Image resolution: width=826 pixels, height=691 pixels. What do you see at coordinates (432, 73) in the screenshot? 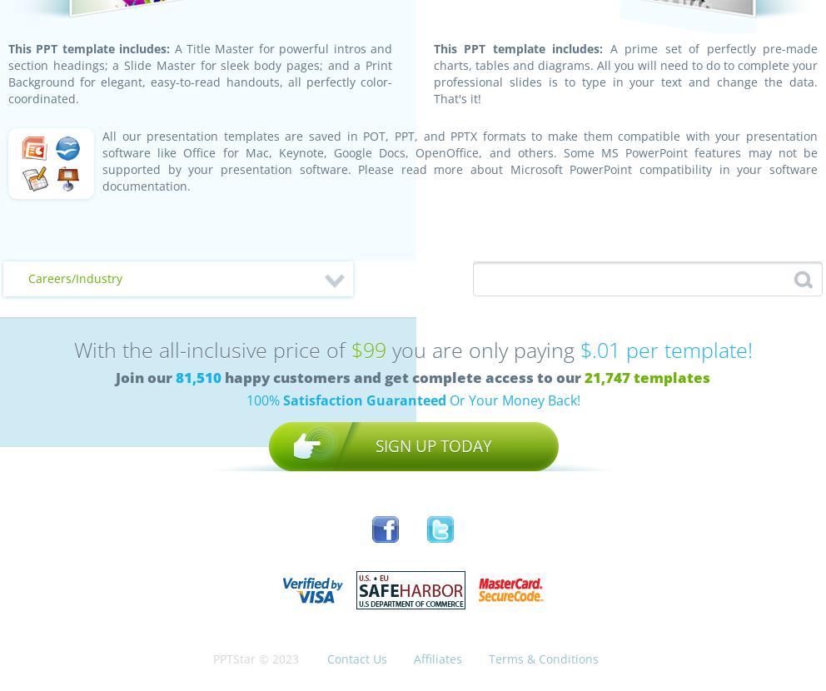
I see `'A prime set of perfectly pre-made charts, tables and diagrams. All you will need to do to complete your professional slides is to type in your text and change the data. That's it!'` at bounding box center [432, 73].